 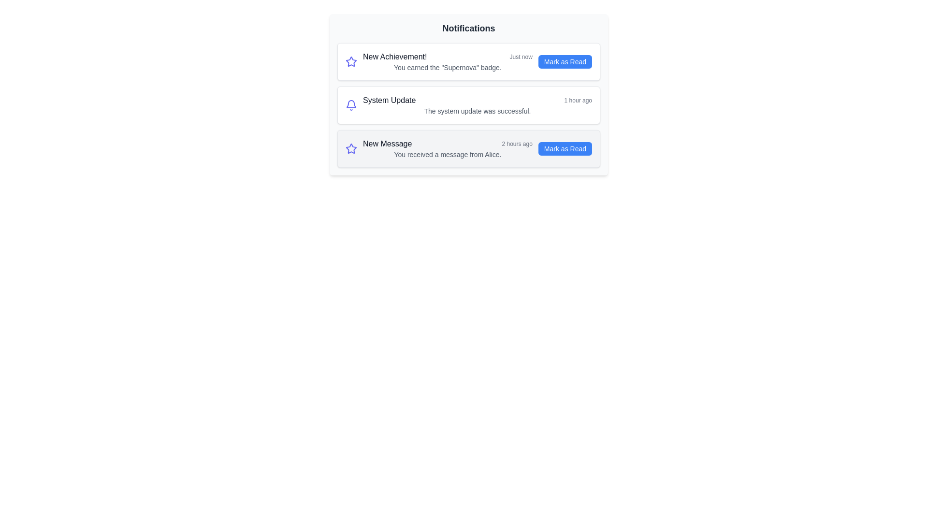 What do you see at coordinates (447, 149) in the screenshot?
I see `the third notification item in the notification panel to read the message details` at bounding box center [447, 149].